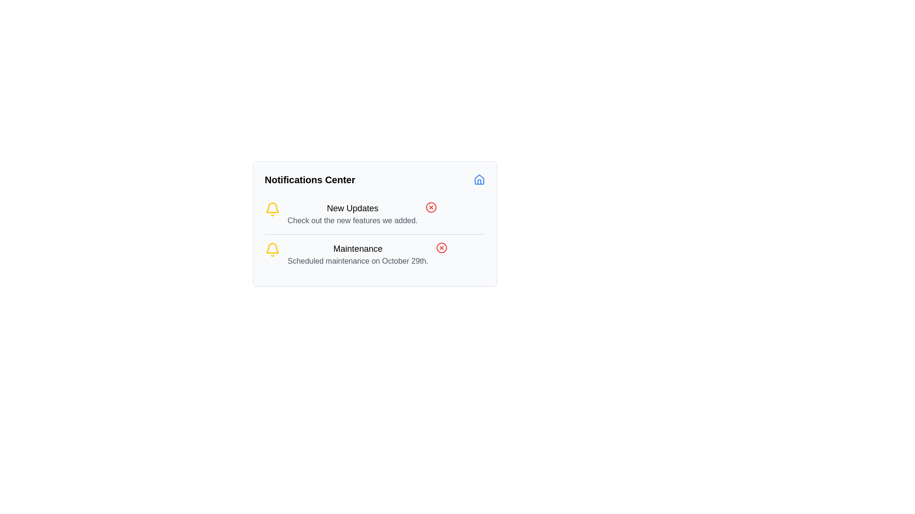 The width and height of the screenshot is (915, 514). What do you see at coordinates (272, 208) in the screenshot?
I see `the bell icon that represents notifications or updates, located at the beginning of the 'New Updates' section within the notification card` at bounding box center [272, 208].